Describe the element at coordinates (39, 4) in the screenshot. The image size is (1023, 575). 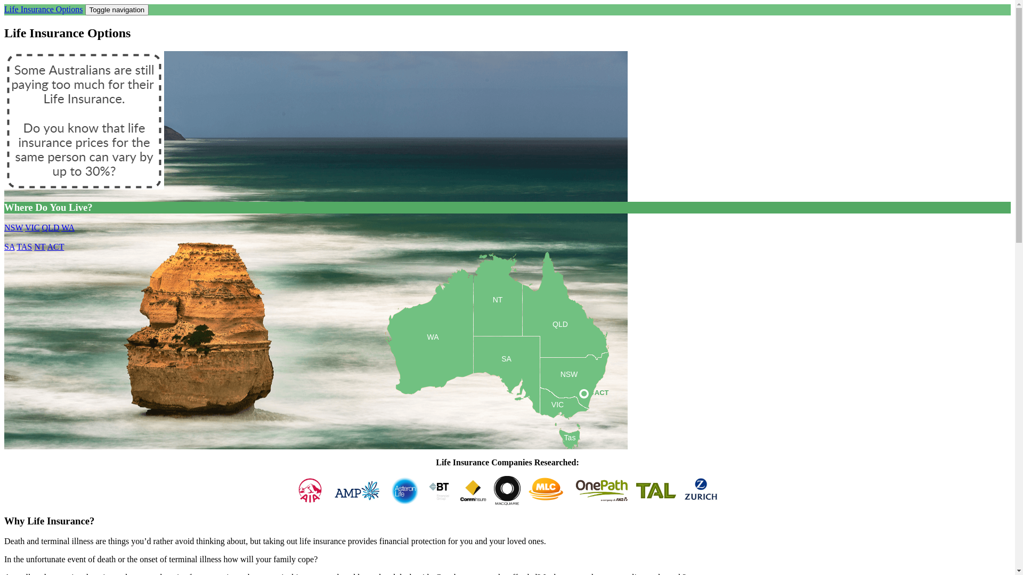
I see `'Skip to main content'` at that location.